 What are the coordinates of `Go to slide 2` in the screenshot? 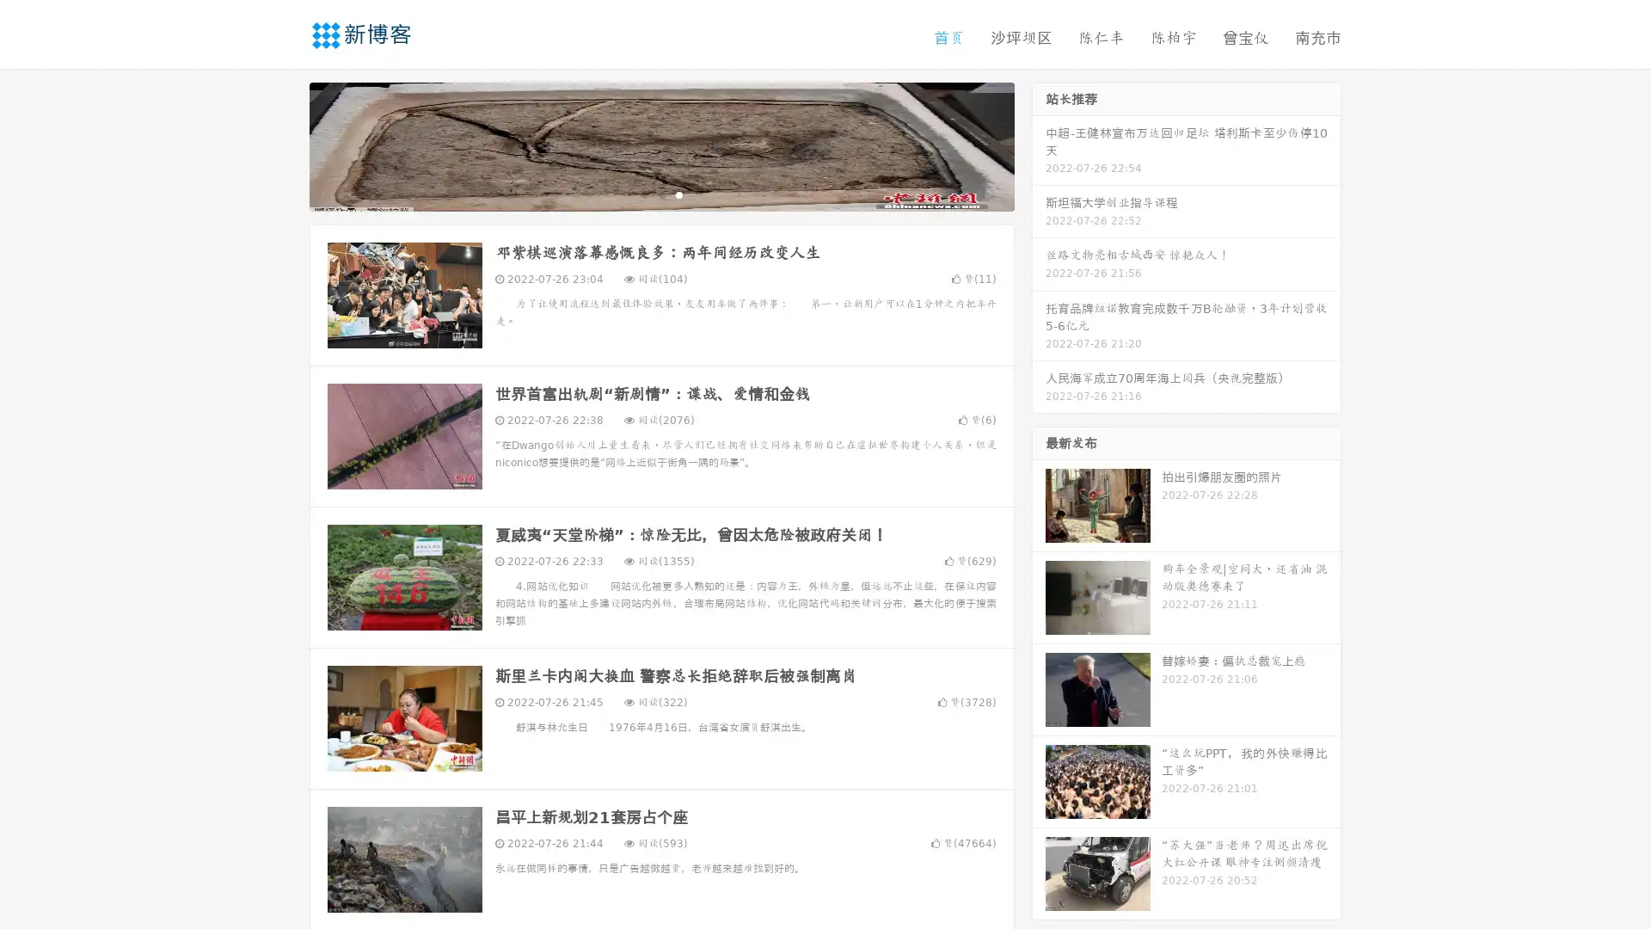 It's located at (660, 194).